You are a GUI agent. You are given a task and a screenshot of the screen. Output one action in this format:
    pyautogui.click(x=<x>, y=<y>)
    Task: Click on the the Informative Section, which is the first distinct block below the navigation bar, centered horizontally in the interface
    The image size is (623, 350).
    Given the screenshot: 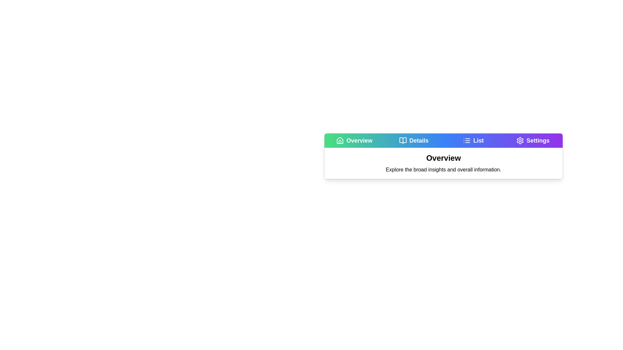 What is the action you would take?
    pyautogui.click(x=443, y=156)
    